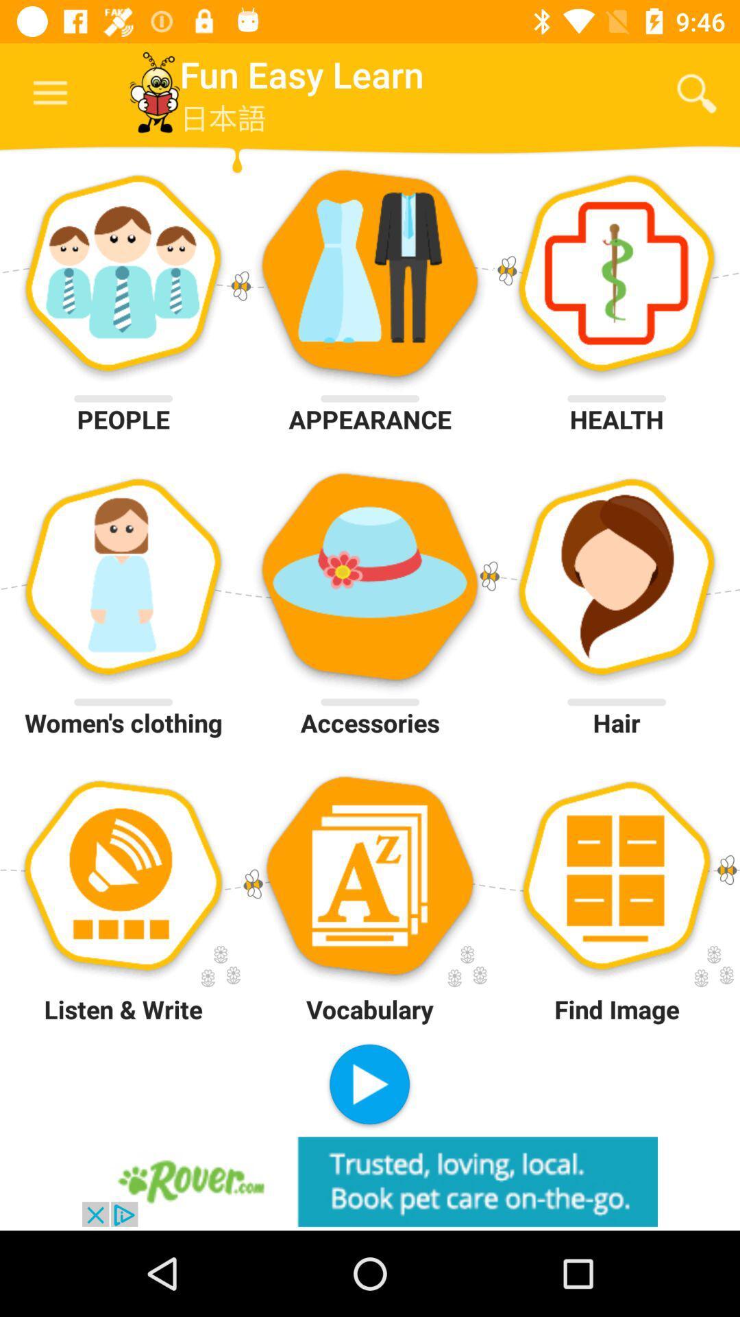 The width and height of the screenshot is (740, 1317). Describe the element at coordinates (369, 1085) in the screenshot. I see `icon next to the find image icon` at that location.